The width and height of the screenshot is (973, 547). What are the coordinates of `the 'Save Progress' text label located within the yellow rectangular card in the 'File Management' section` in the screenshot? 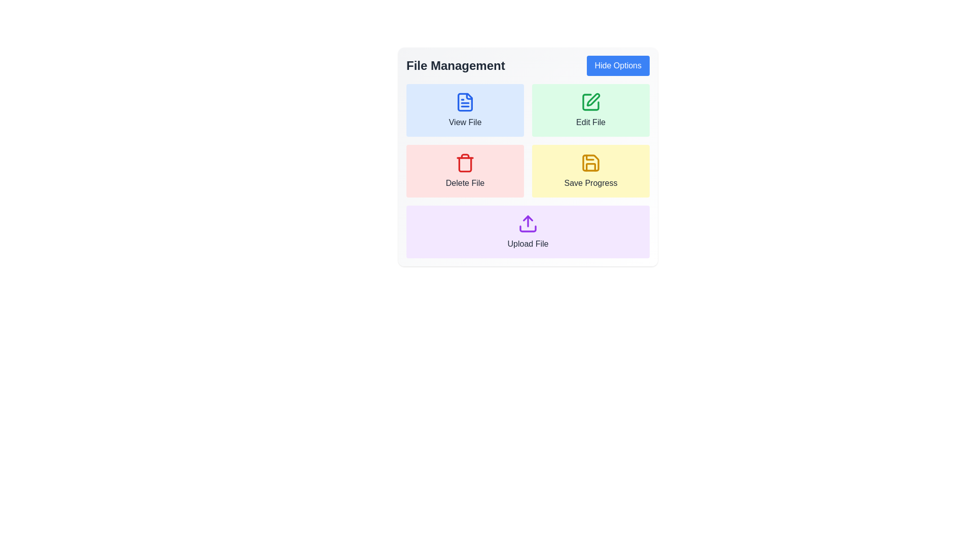 It's located at (591, 183).